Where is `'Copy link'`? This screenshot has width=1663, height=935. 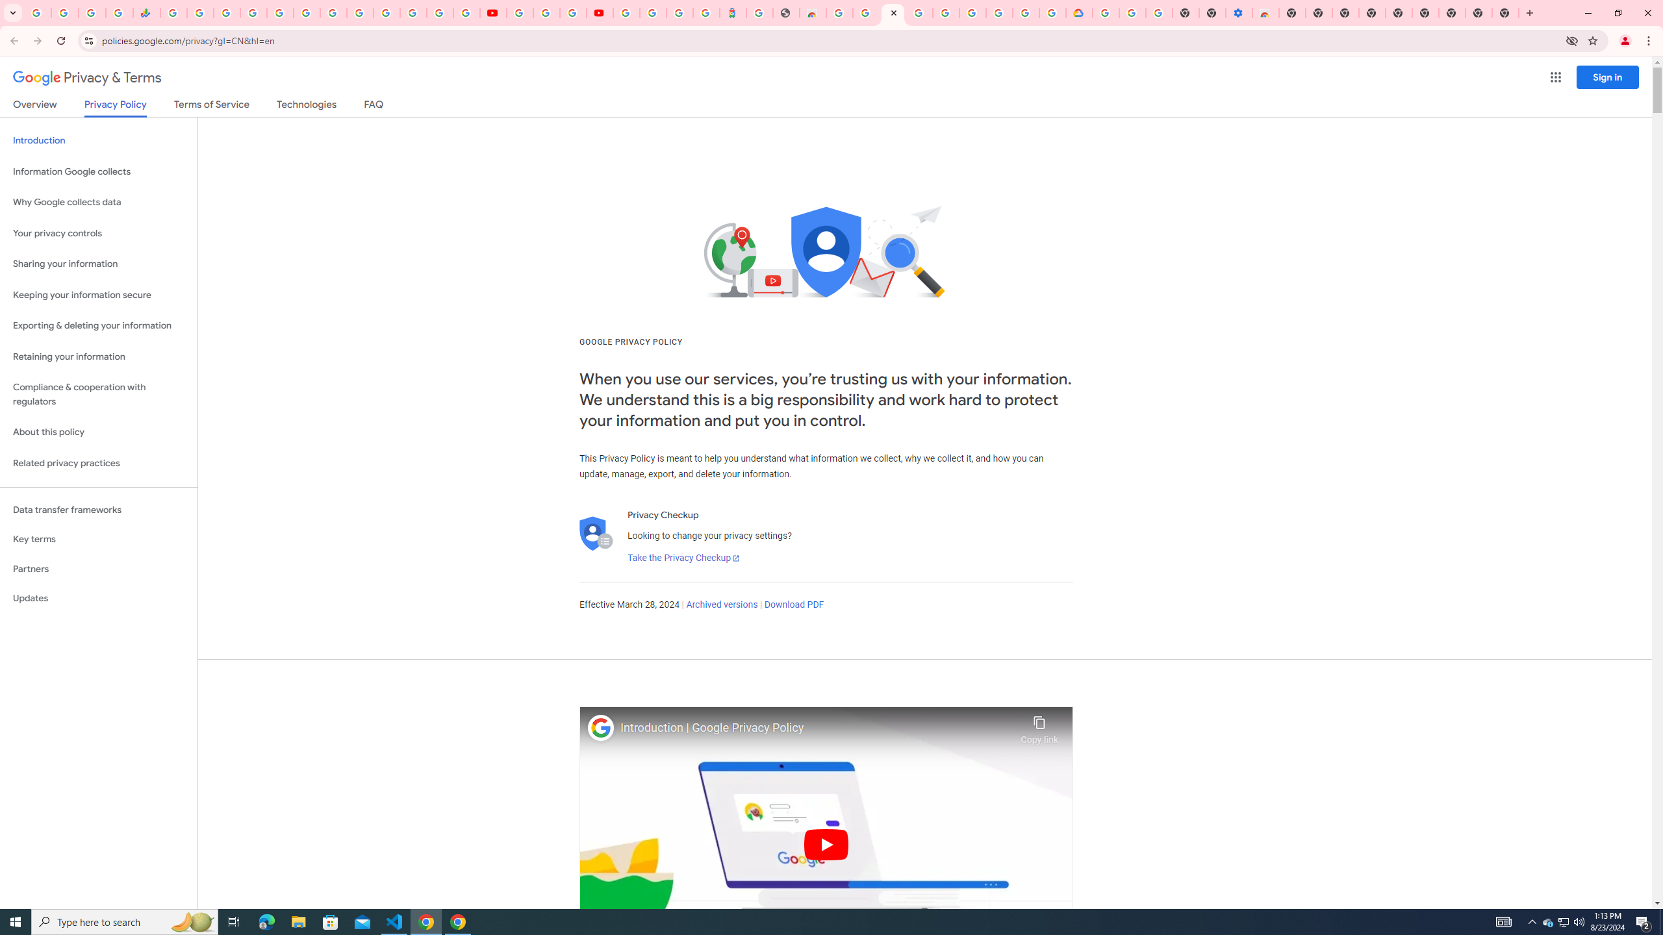
'Copy link' is located at coordinates (1039, 726).